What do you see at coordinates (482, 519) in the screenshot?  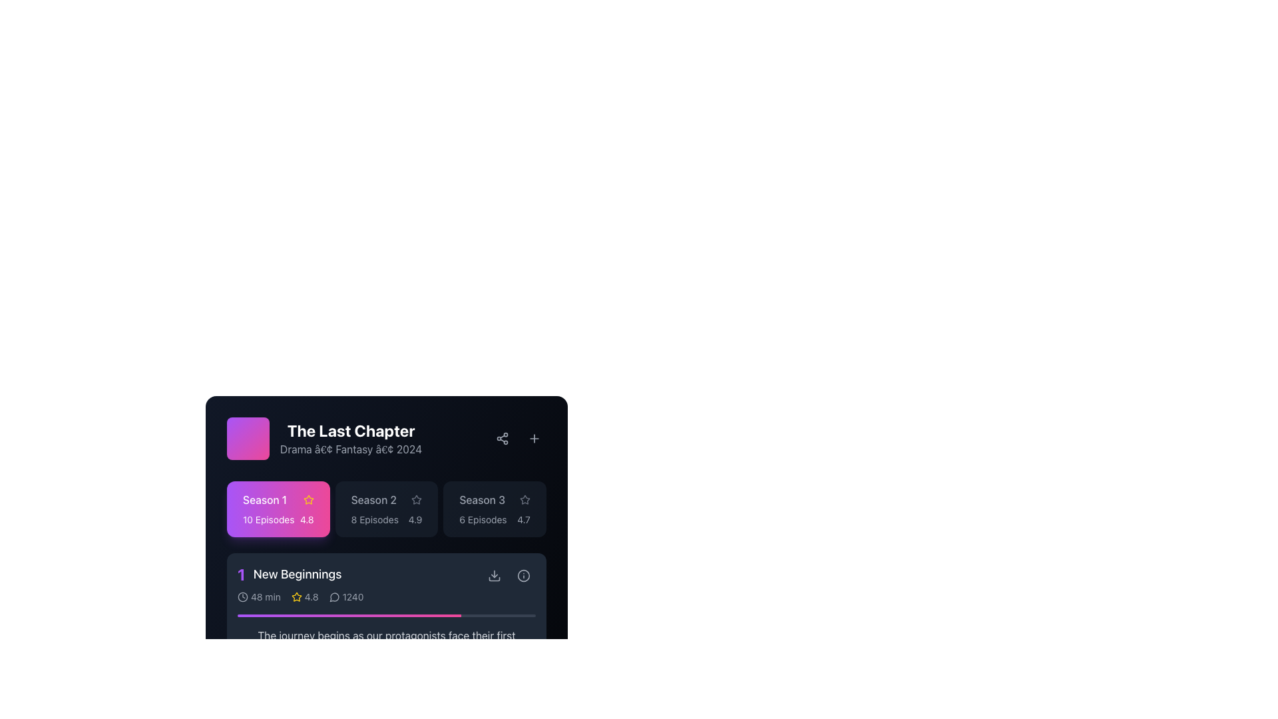 I see `the text label displaying '6 Episodes', which is part of the horizontal arrangement for 'Season 3' in the season selectors for 'The Last Chapter'` at bounding box center [482, 519].